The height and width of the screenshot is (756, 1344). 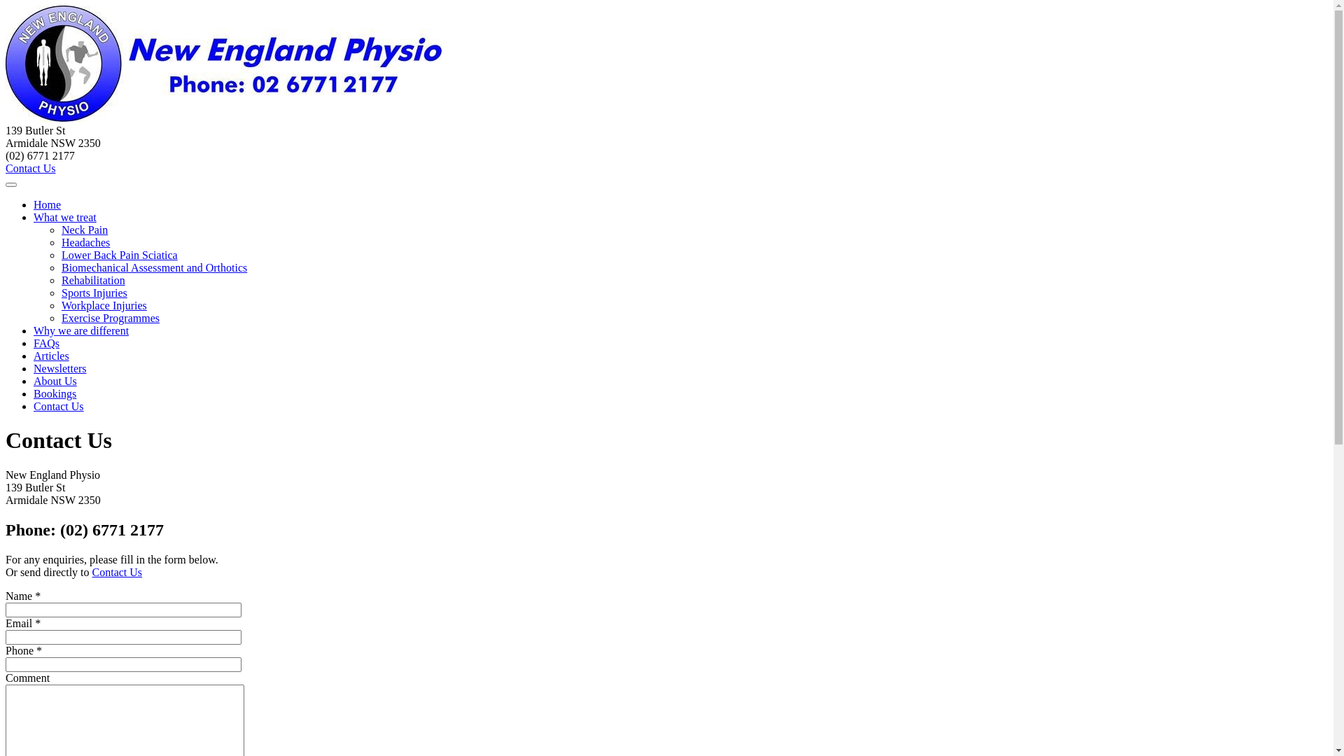 I want to click on 'What we treat', so click(x=64, y=217).